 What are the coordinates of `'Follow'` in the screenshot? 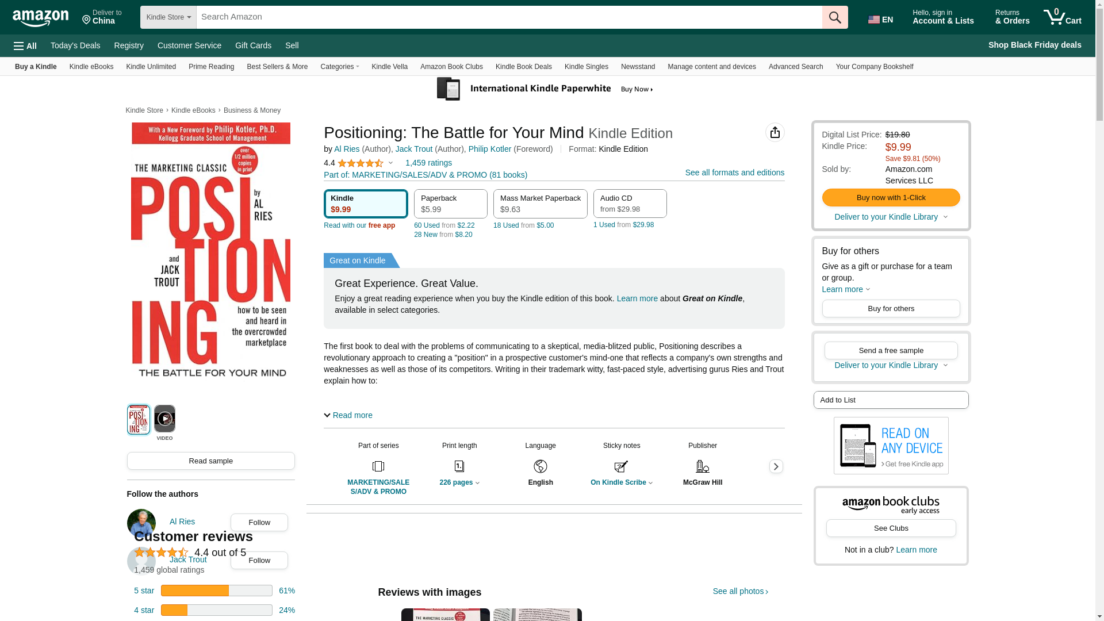 It's located at (231, 522).